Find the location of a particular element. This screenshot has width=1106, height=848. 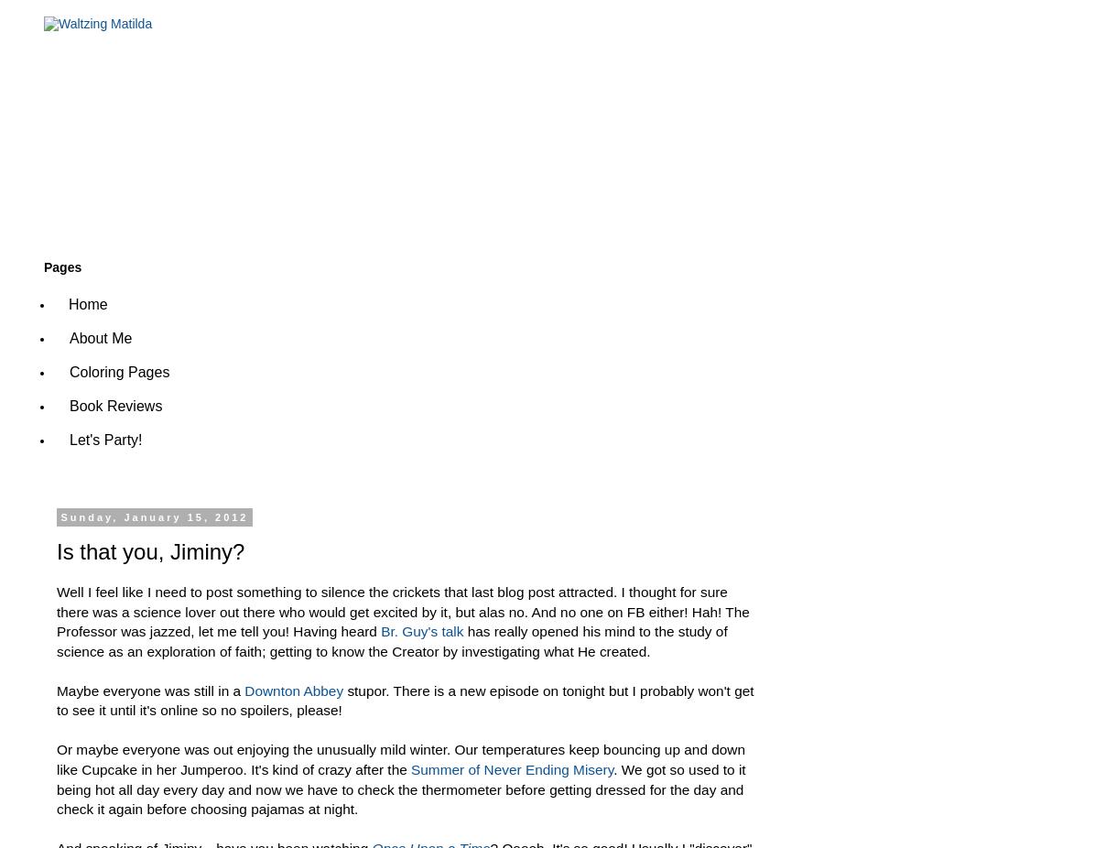

'Br. Guy's talk' is located at coordinates (424, 630).